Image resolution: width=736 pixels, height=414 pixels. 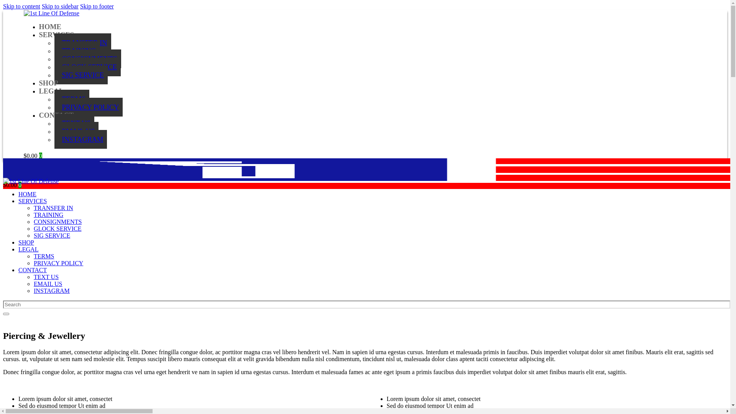 What do you see at coordinates (89, 107) in the screenshot?
I see `'PRIVACY POLICY'` at bounding box center [89, 107].